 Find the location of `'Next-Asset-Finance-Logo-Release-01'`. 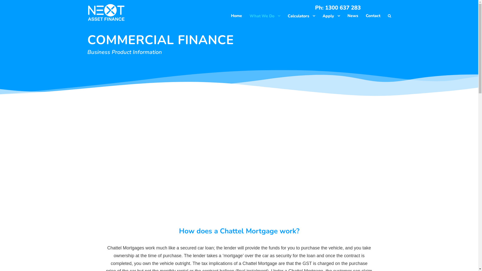

'Next-Asset-Finance-Logo-Release-01' is located at coordinates (106, 12).